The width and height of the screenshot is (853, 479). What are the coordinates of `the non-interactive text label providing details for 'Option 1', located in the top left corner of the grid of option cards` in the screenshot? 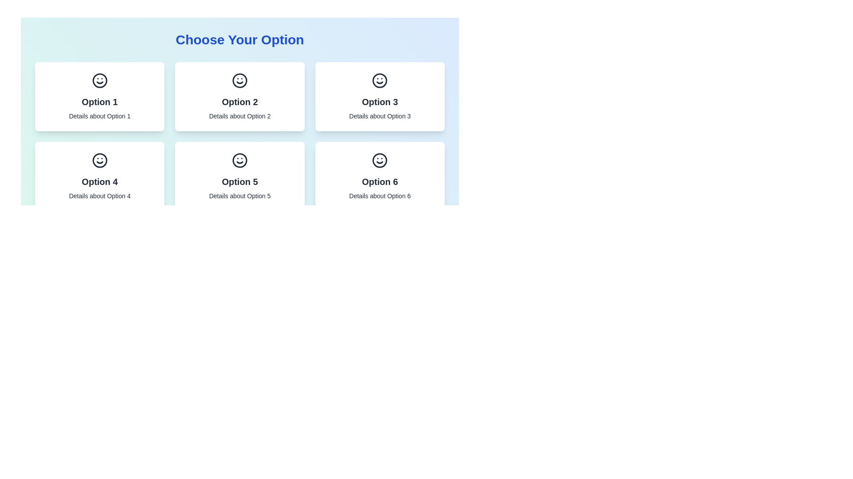 It's located at (100, 116).